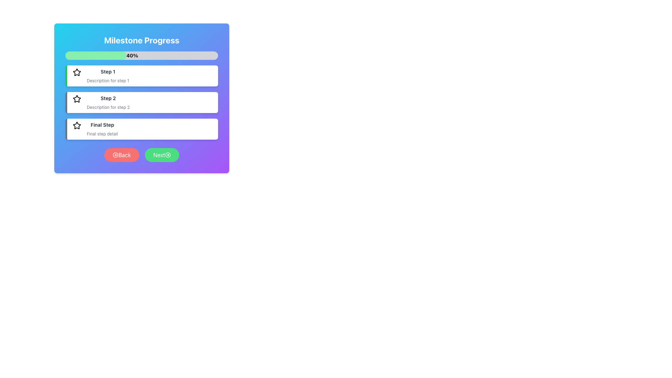 Image resolution: width=672 pixels, height=378 pixels. Describe the element at coordinates (77, 125) in the screenshot. I see `the outlined star-shaped icon located at the leftmost side of the 'Final Step' section` at that location.